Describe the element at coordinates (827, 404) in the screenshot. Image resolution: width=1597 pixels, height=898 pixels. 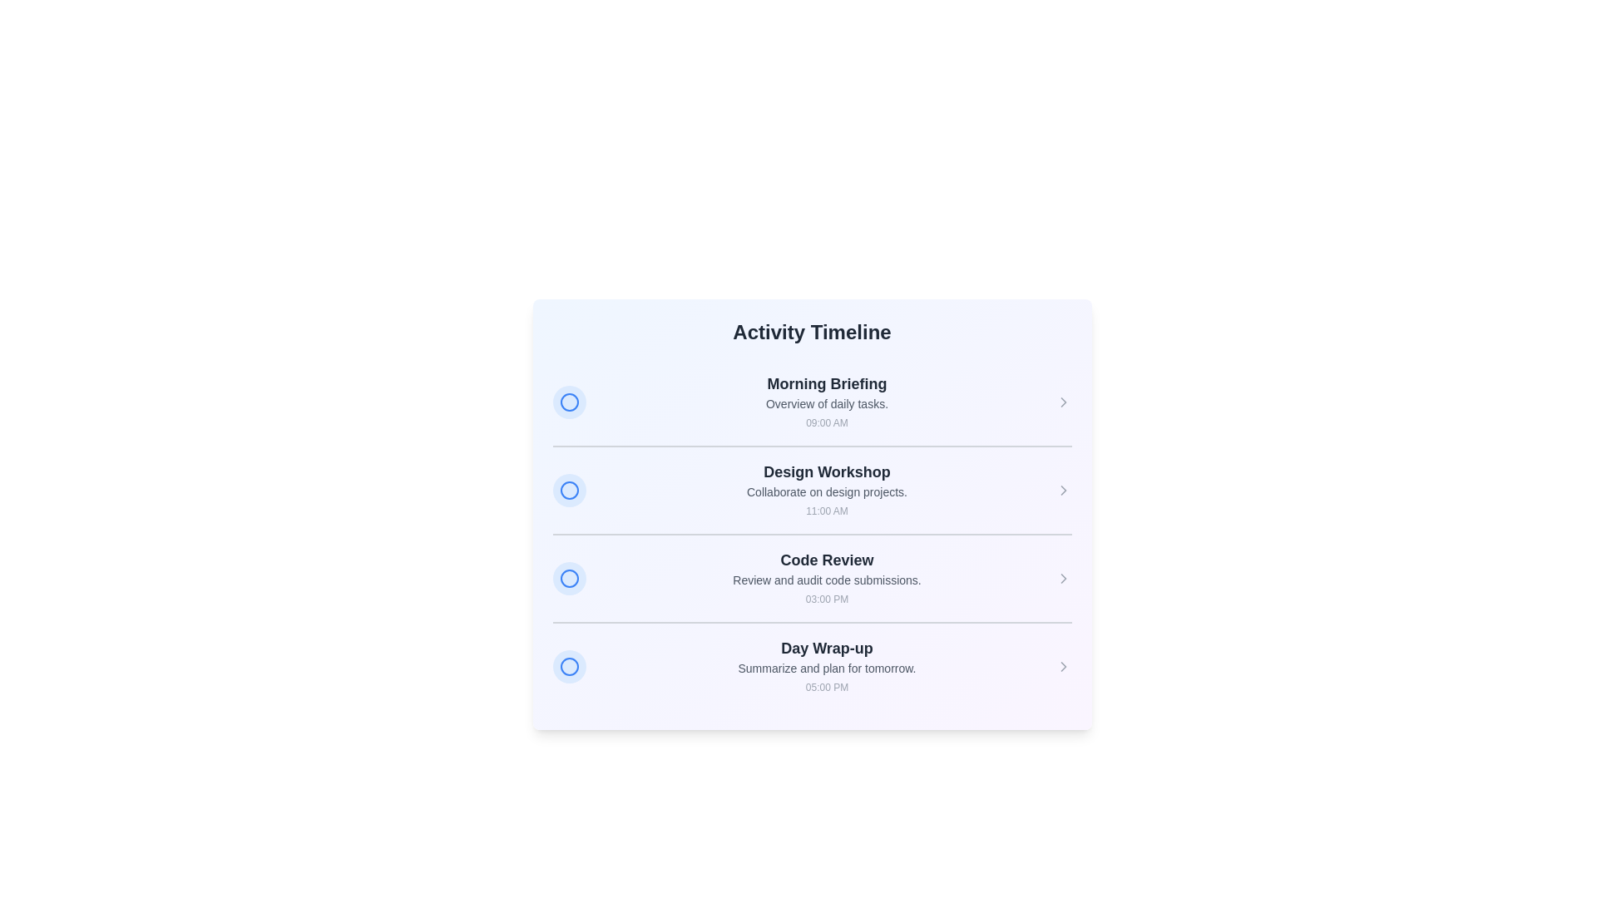
I see `the static text that provides a short description of the 'Morning Briefing' entry, located below the heading and above the time text '09:00 AM'` at that location.